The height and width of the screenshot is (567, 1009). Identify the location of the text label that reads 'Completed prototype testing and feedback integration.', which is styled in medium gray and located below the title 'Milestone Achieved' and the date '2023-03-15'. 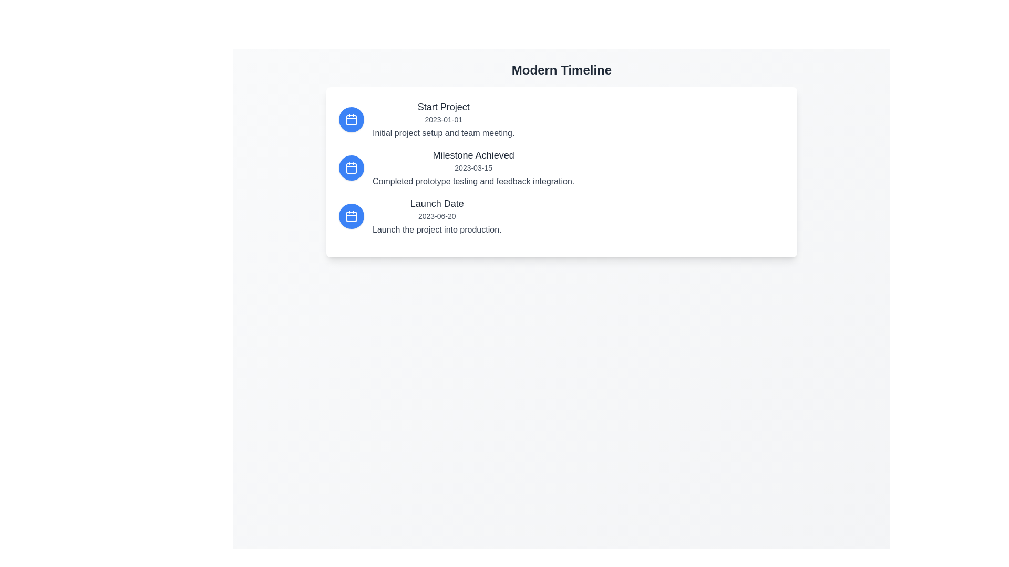
(473, 181).